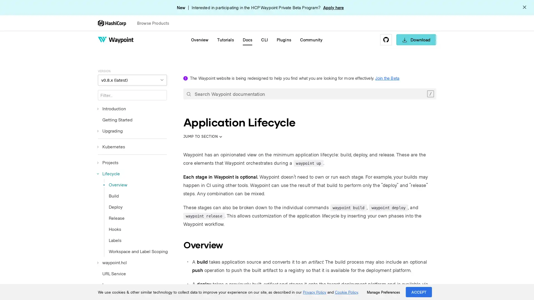  I want to click on Lifecycle, so click(109, 173).